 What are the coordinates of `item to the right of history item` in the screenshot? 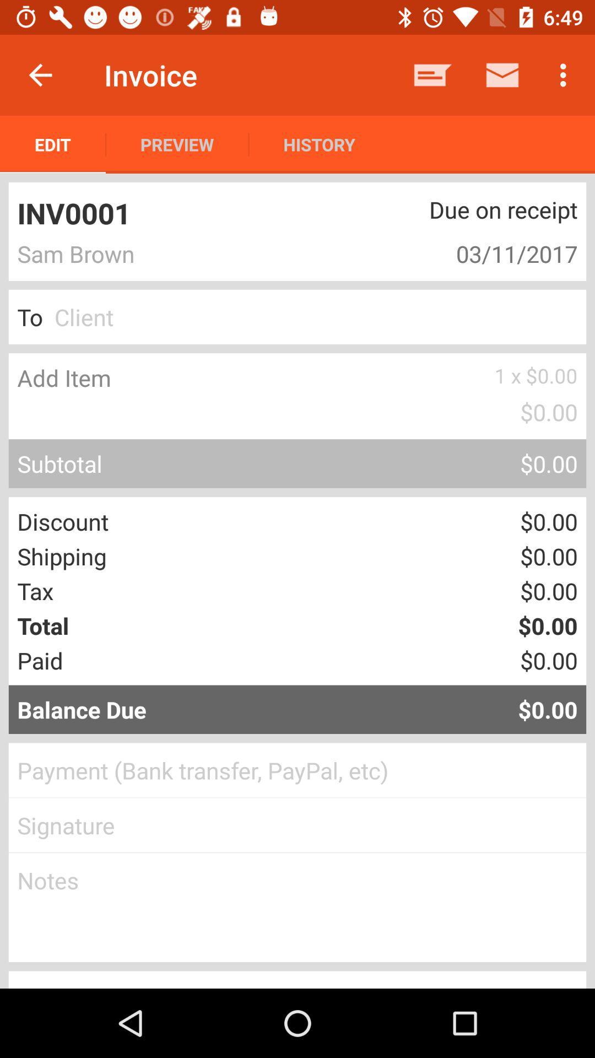 It's located at (432, 74).